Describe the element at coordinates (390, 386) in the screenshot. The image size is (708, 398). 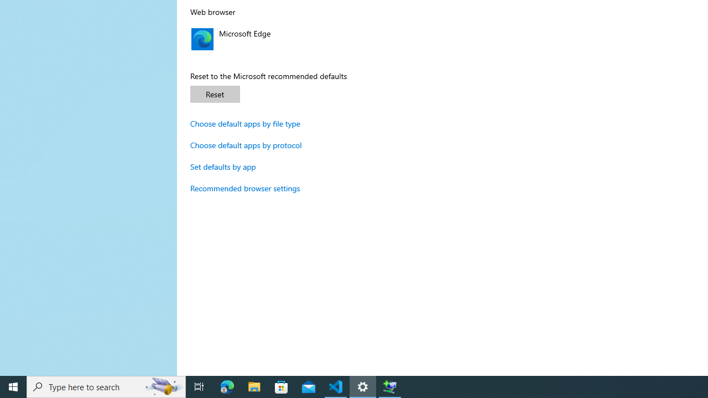
I see `'Extensible Wizards Host Process - 1 running window'` at that location.